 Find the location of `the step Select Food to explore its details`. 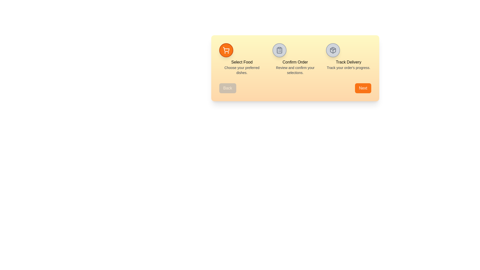

the step Select Food to explore its details is located at coordinates (226, 50).